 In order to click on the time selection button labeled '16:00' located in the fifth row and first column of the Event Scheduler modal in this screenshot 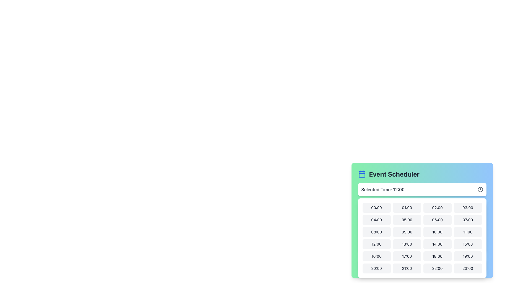, I will do `click(376, 256)`.